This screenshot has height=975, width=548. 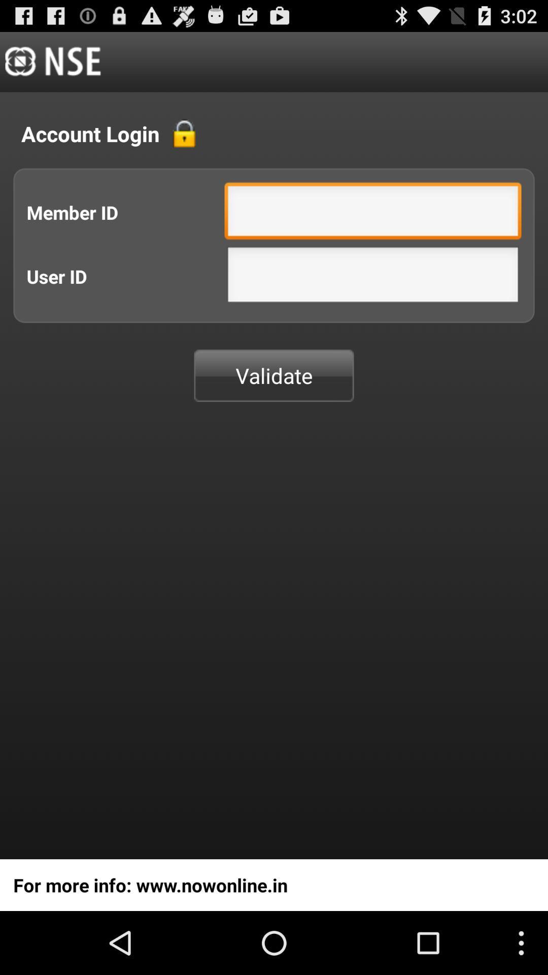 What do you see at coordinates (373, 213) in the screenshot?
I see `field where you enter your member id` at bounding box center [373, 213].